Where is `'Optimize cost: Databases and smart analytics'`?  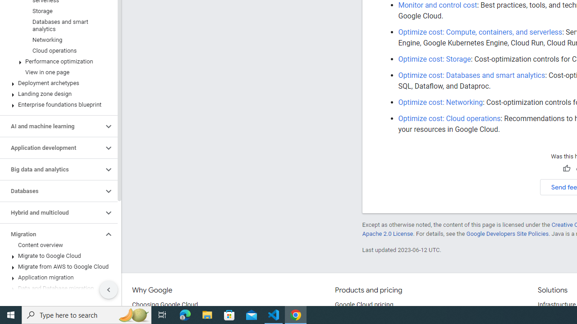 'Optimize cost: Databases and smart analytics' is located at coordinates (471, 75).